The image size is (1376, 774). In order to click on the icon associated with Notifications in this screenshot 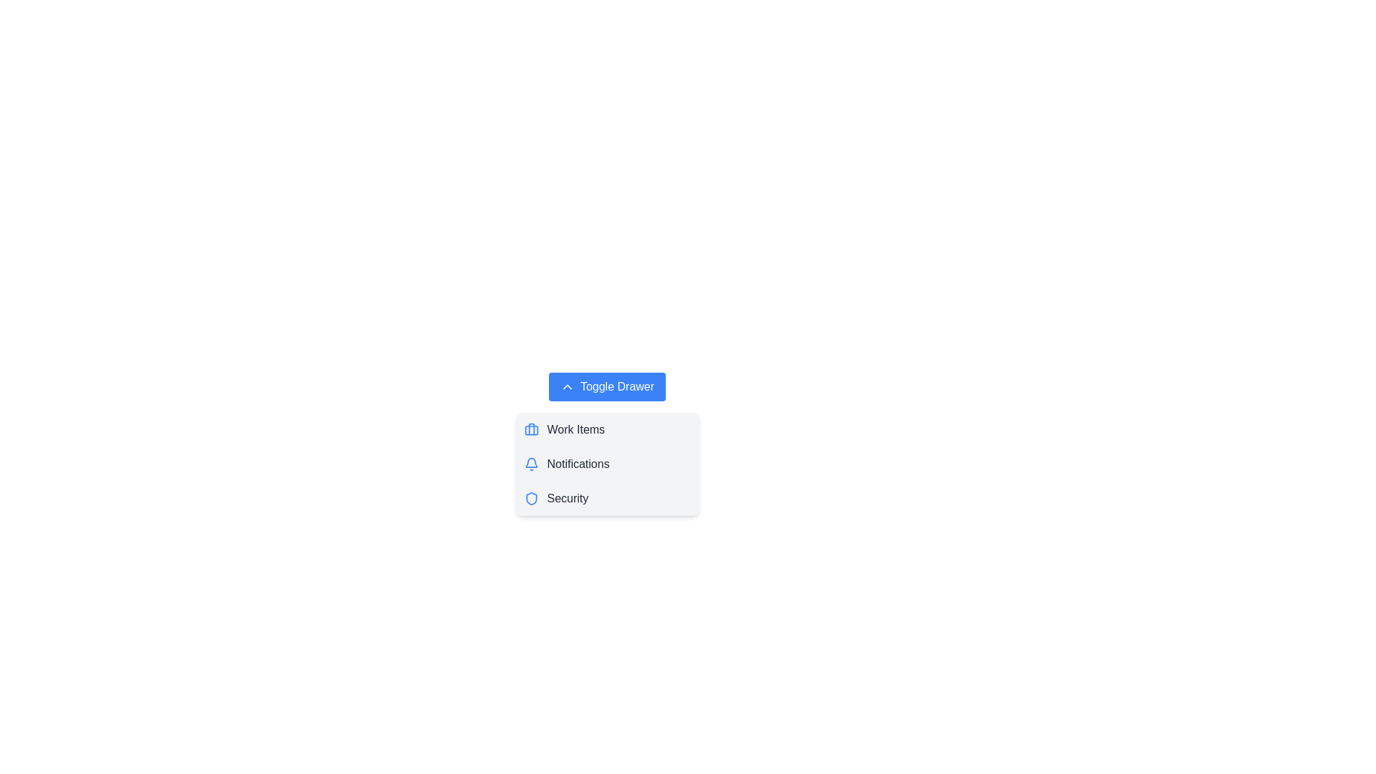, I will do `click(530, 464)`.